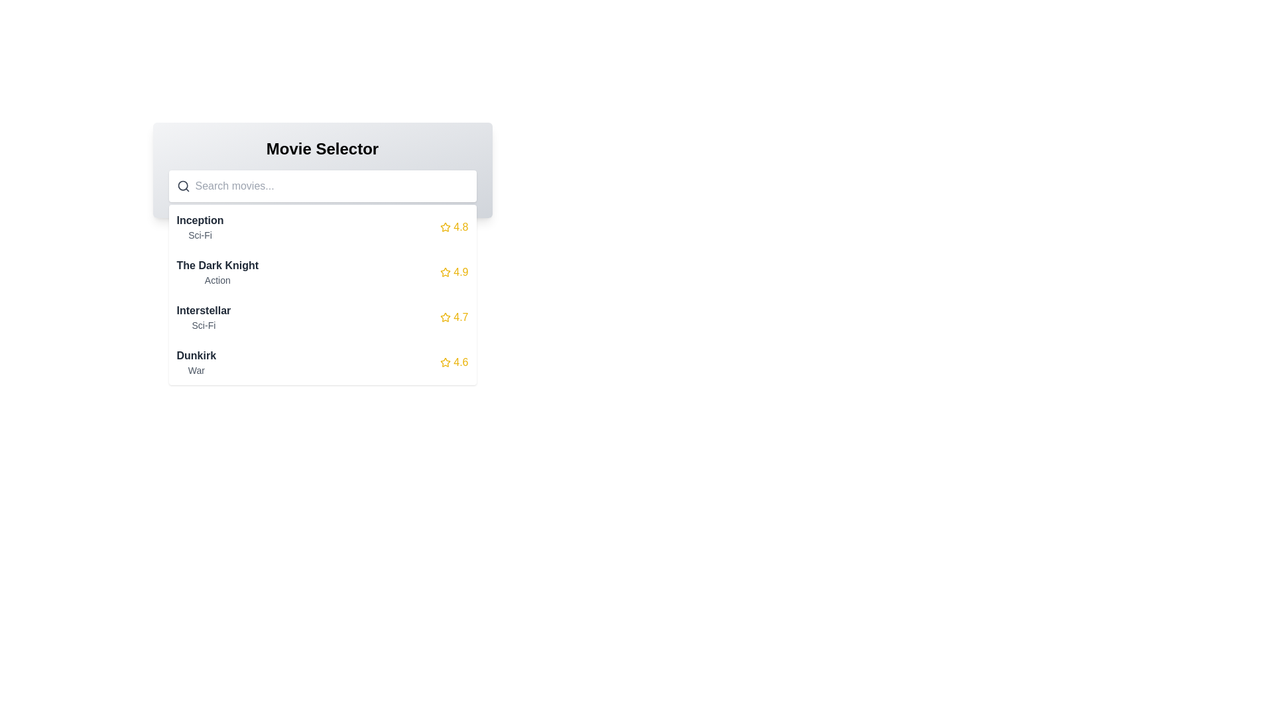 The width and height of the screenshot is (1273, 716). Describe the element at coordinates (196, 371) in the screenshot. I see `the text label displaying 'War' which is located directly beneath the title 'Dunkirk' in the movie list interface` at that location.